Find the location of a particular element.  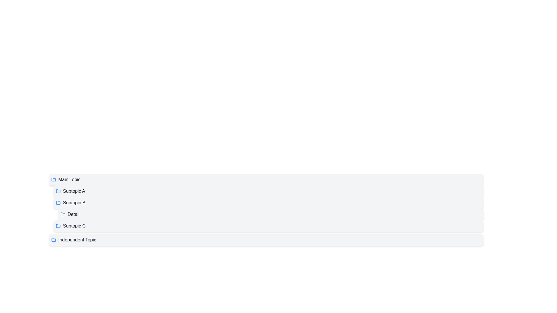

the text label reading 'Independent Topic' is located at coordinates (77, 240).